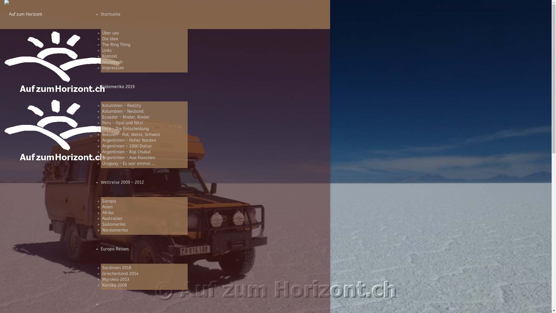 The height and width of the screenshot is (313, 556). What do you see at coordinates (112, 219) in the screenshot?
I see `'Australien'` at bounding box center [112, 219].